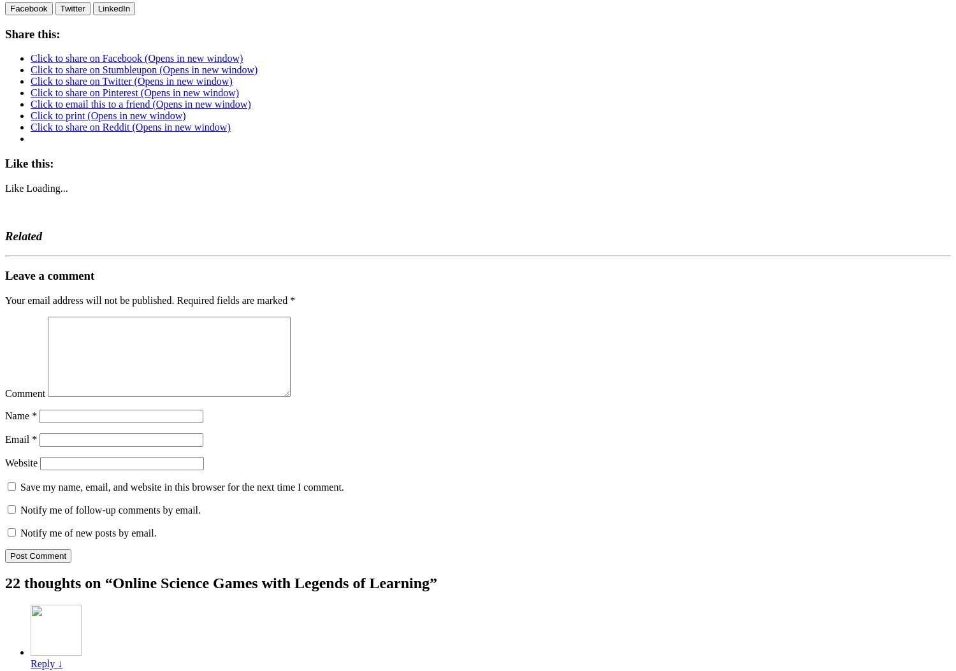 The image size is (956, 671). Describe the element at coordinates (143, 69) in the screenshot. I see `'Click to share on Stumbleupon (Opens in new window)'` at that location.